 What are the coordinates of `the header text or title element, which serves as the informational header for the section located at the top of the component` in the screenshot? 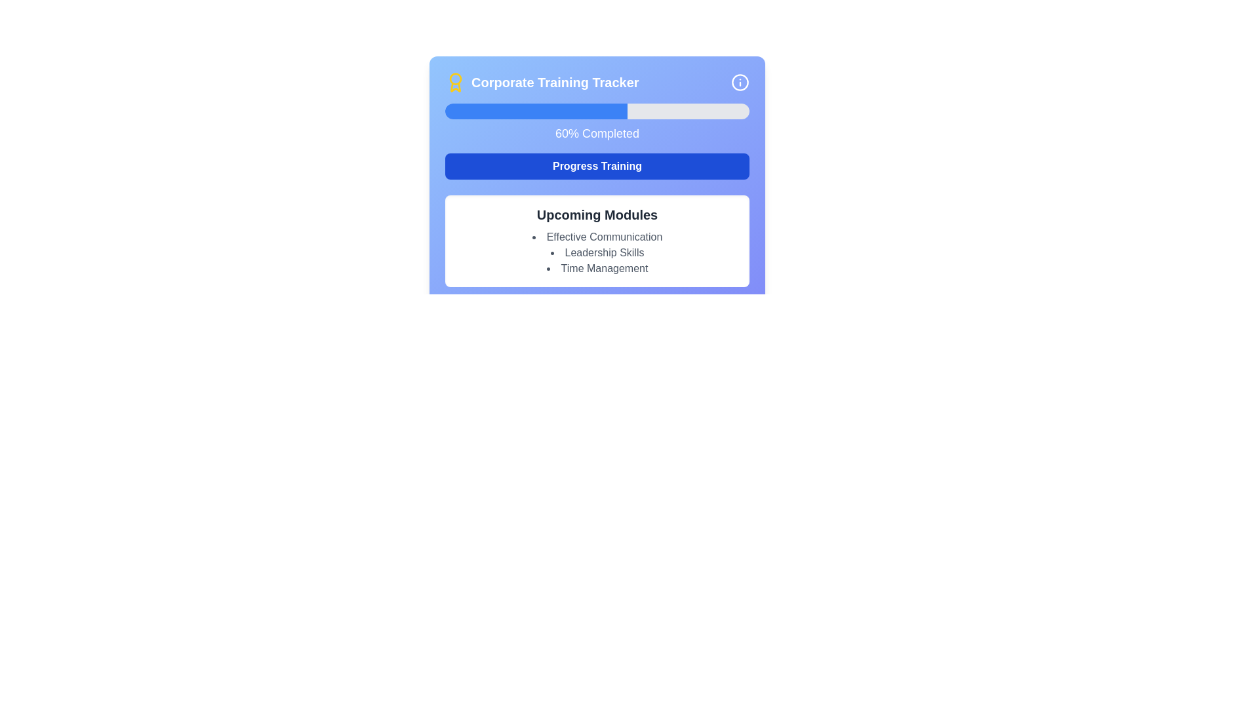 It's located at (597, 83).